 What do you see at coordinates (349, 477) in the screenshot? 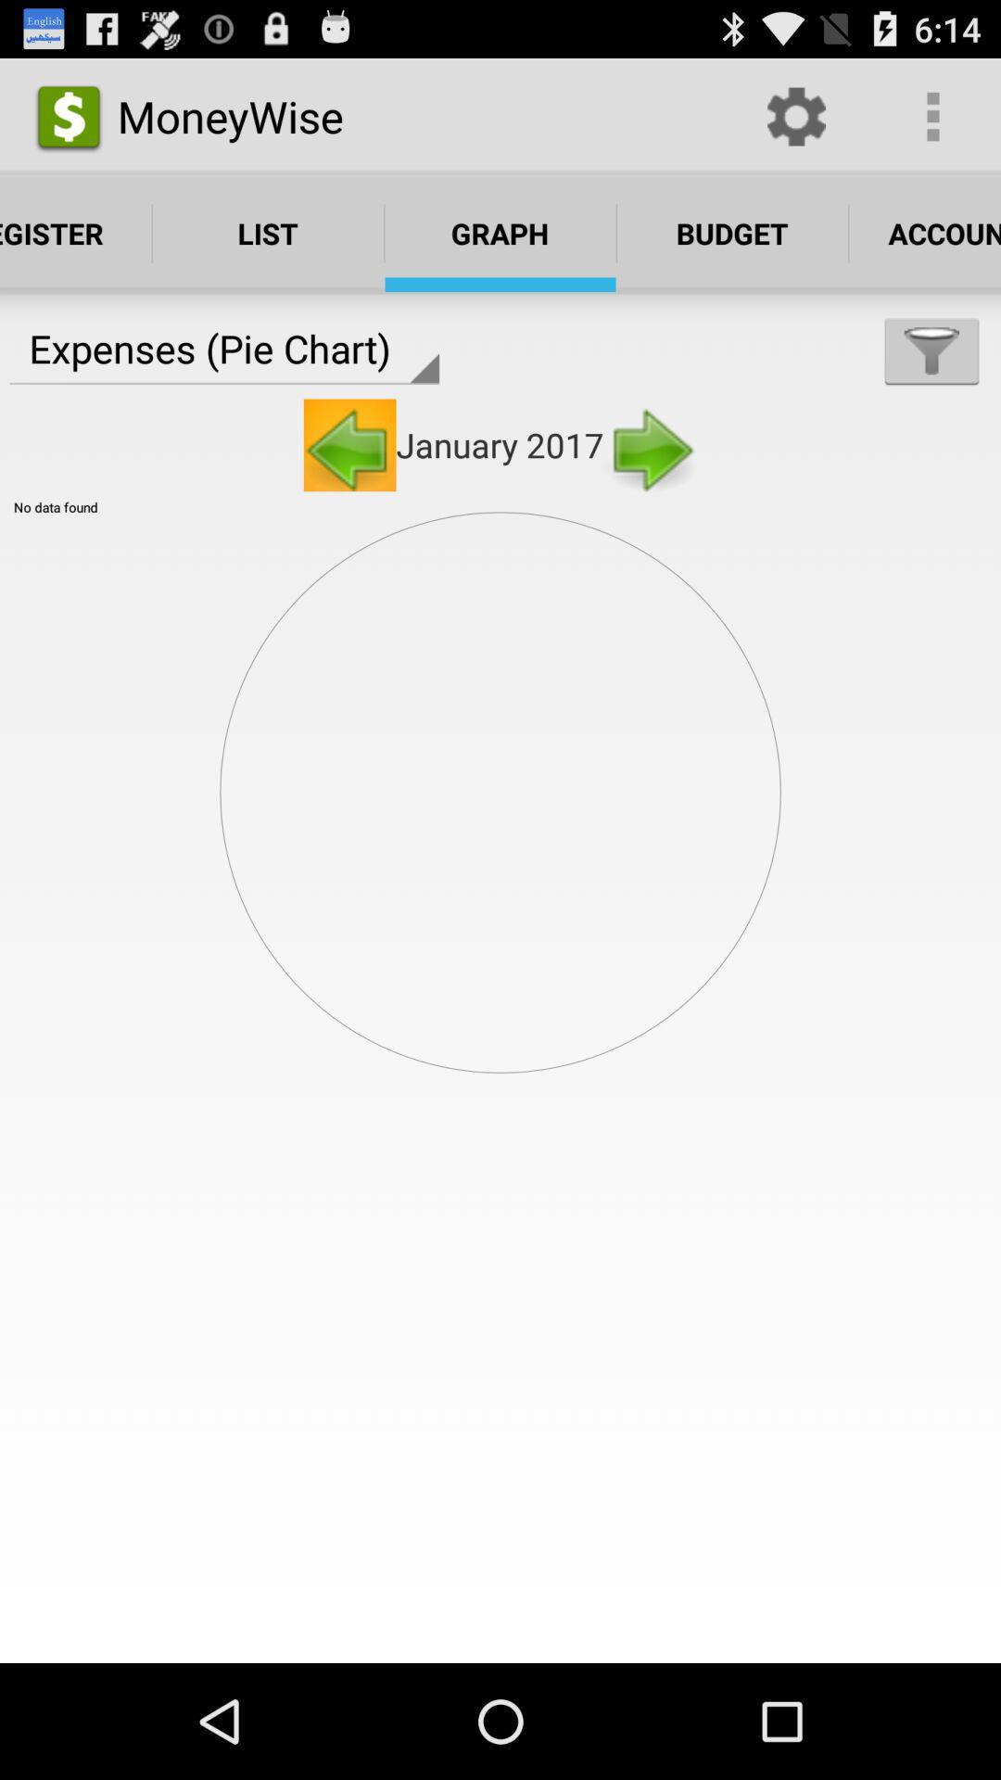
I see `the arrow_backward icon` at bounding box center [349, 477].